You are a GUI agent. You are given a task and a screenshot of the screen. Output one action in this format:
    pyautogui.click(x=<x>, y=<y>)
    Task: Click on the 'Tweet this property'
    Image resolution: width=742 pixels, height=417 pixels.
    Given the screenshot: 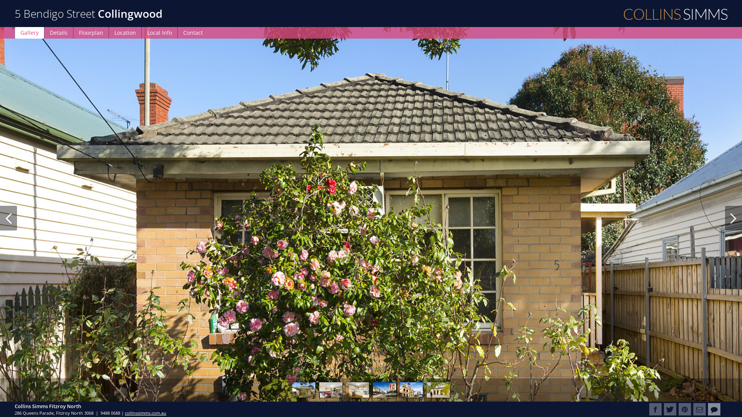 What is the action you would take?
    pyautogui.click(x=669, y=409)
    